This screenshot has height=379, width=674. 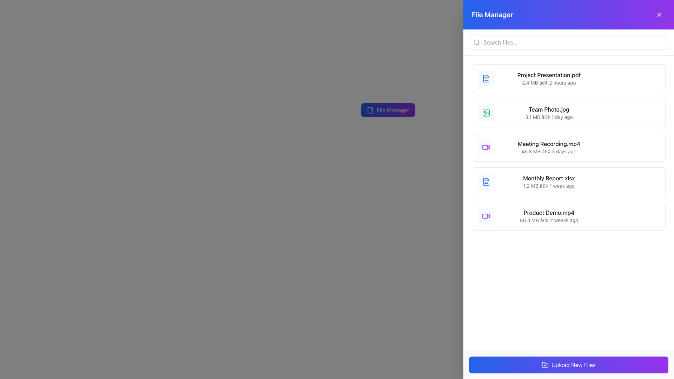 I want to click on the green-tinted outlined SVG rectangle icon representing an image located in the 'File Manager' sidebar next to 'Team Photo.jpg', so click(x=486, y=112).